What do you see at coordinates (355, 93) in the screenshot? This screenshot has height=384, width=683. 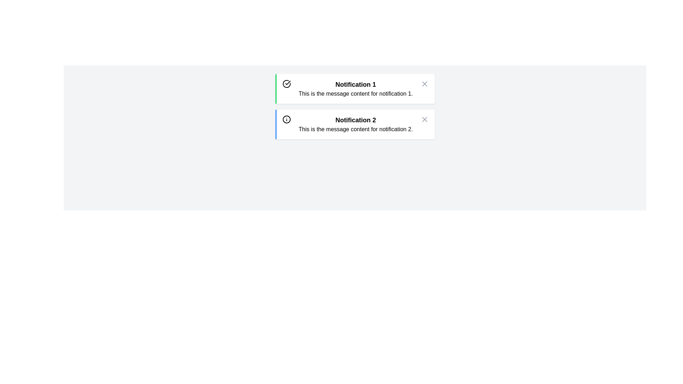 I see `the text label displaying the message 'This is the message content for notification 1.' located below the title 'Notification 1' in the top notification panel` at bounding box center [355, 93].